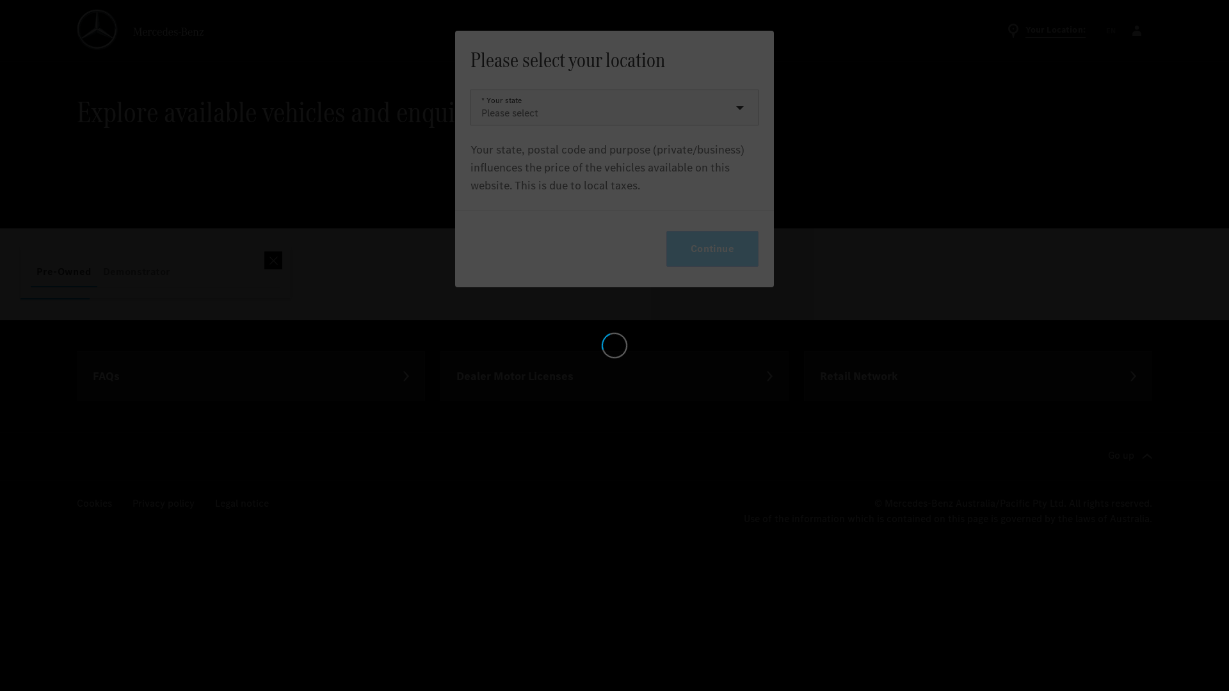  I want to click on 'EN', so click(1102, 29).